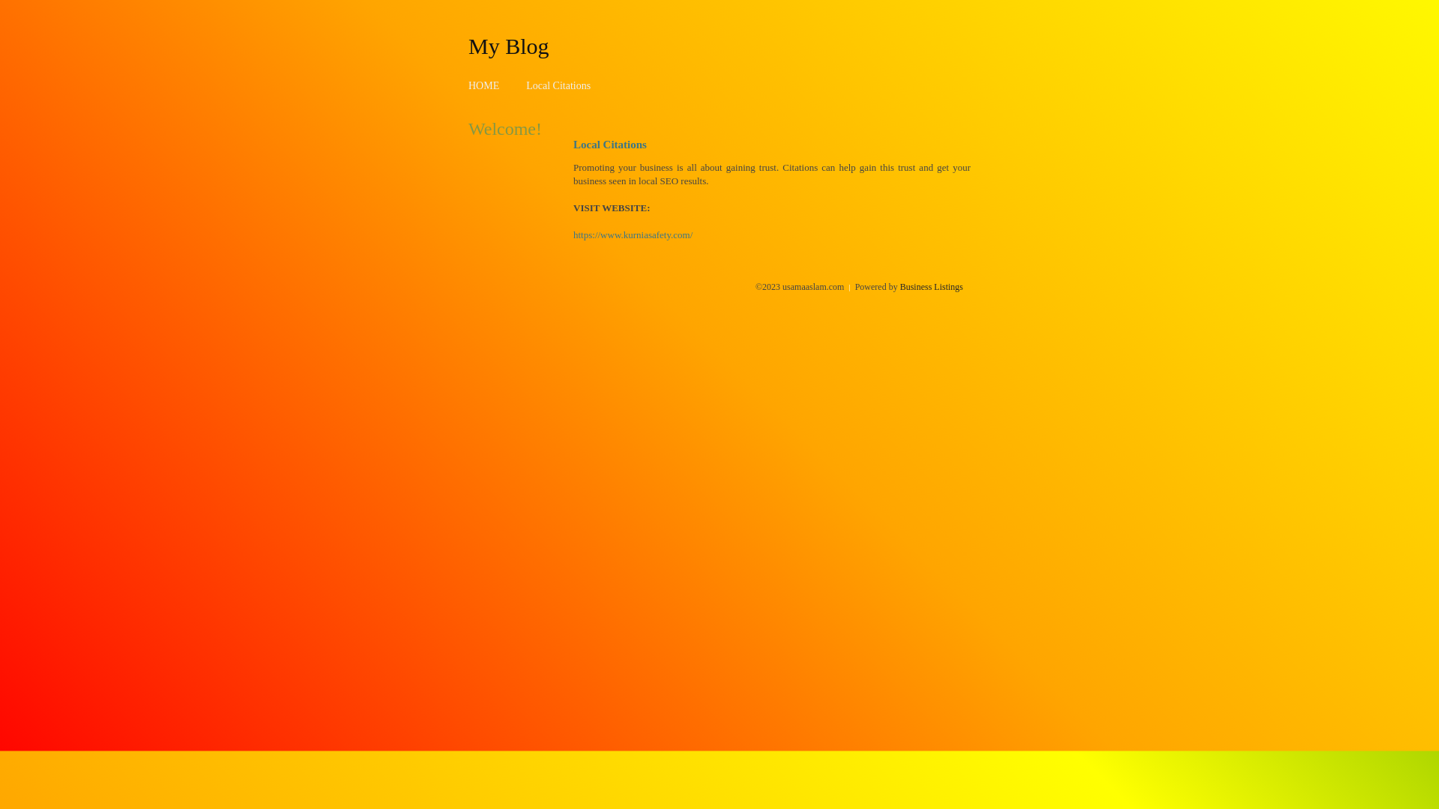 Image resolution: width=1439 pixels, height=809 pixels. Describe the element at coordinates (557, 85) in the screenshot. I see `'Local Citations'` at that location.